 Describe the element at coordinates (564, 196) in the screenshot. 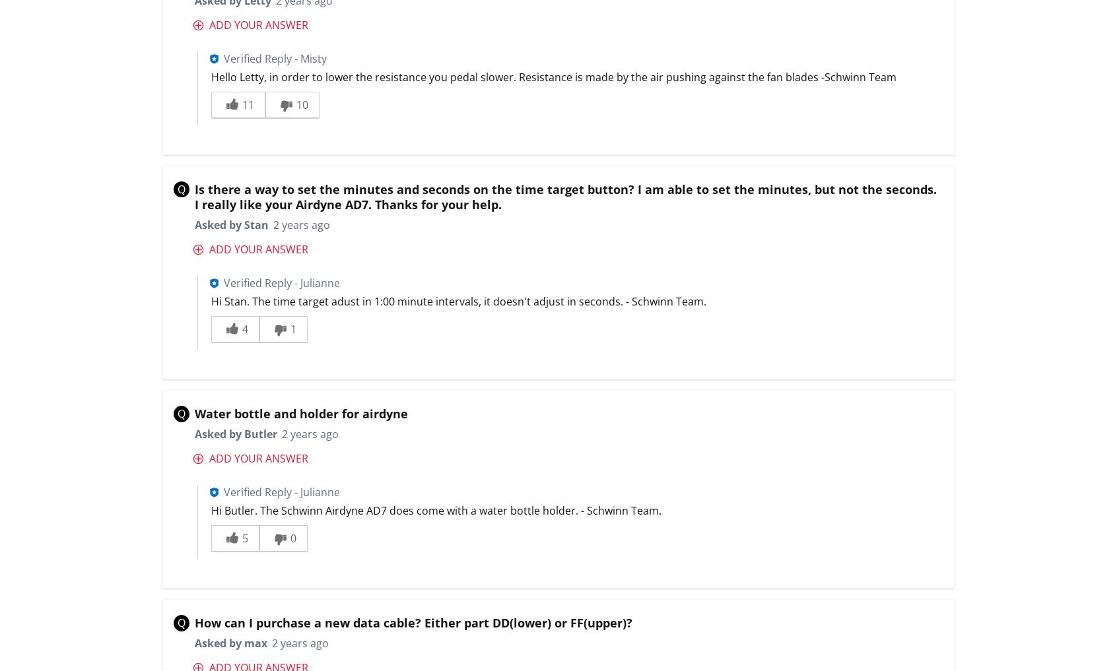

I see `'Is there a way to set the minutes and seconds on the time target button?  I am able to set the minutes, but not the seconds.  I really like your Airdyne AD7. 
Thanks for your help.'` at that location.